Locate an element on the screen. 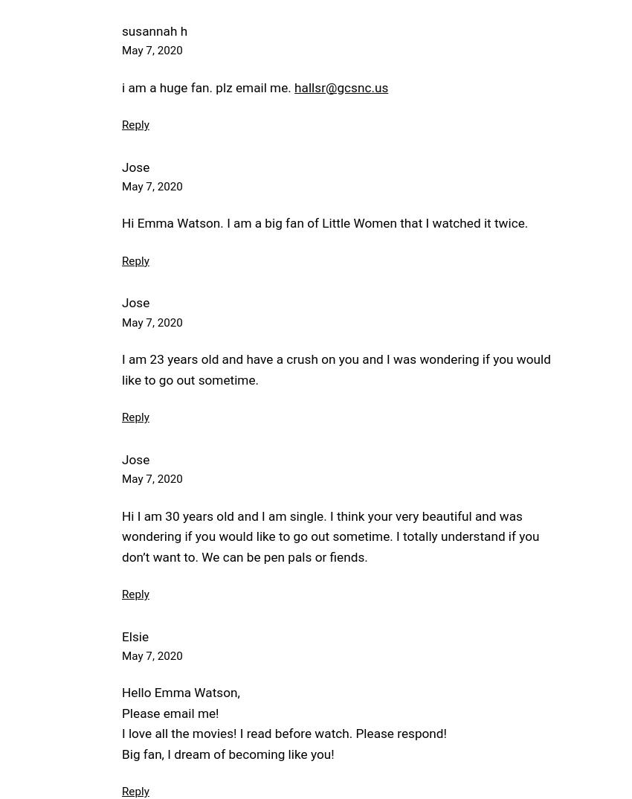 The image size is (632, 799). 'I am 23 years old and have a crush on you and I was wondering if you would like to go out sometime.' is located at coordinates (335, 369).